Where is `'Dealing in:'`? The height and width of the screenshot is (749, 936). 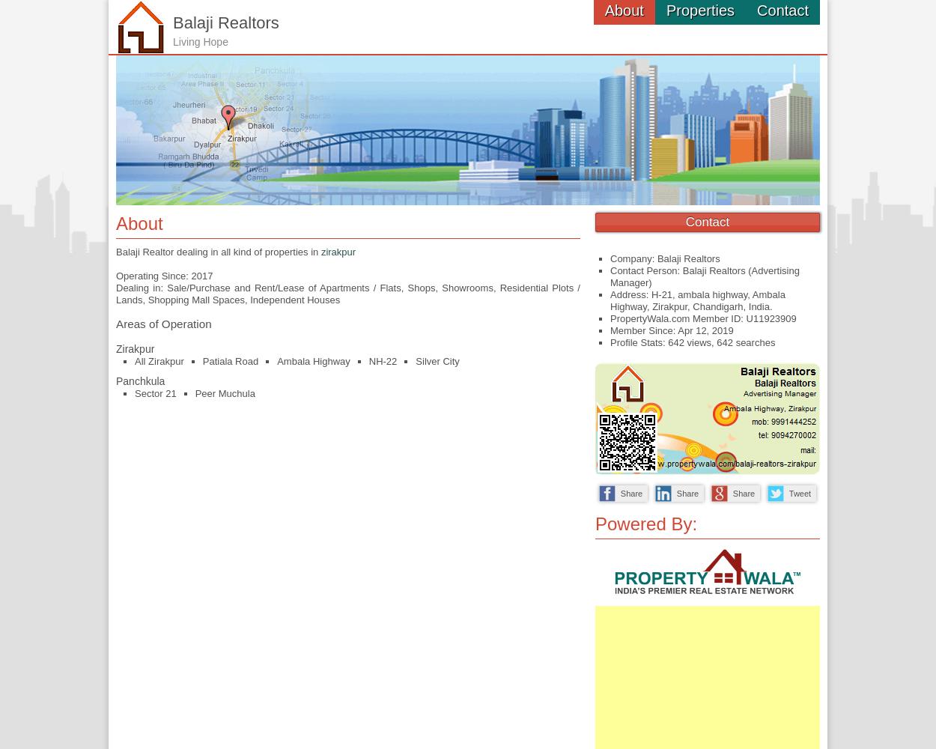 'Dealing in:' is located at coordinates (141, 287).